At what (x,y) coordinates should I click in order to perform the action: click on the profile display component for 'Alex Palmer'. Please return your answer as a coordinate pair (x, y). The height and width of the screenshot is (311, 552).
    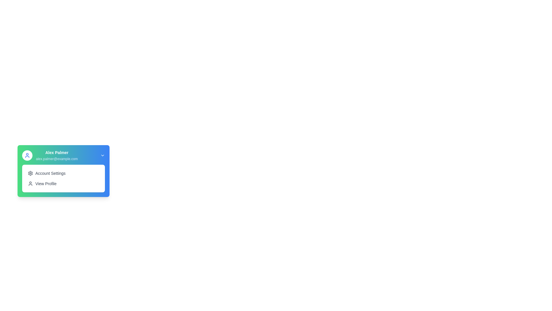
    Looking at the image, I should click on (50, 155).